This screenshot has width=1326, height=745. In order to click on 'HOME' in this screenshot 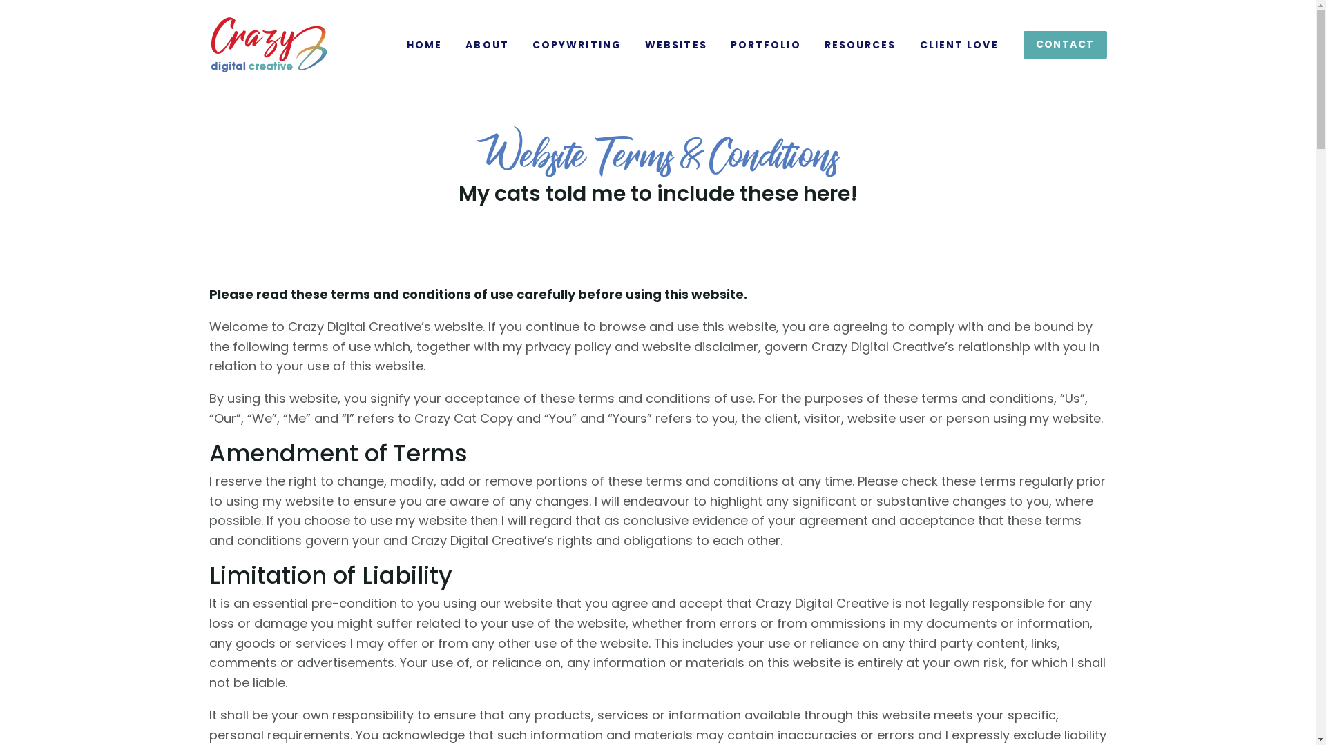, I will do `click(423, 44)`.